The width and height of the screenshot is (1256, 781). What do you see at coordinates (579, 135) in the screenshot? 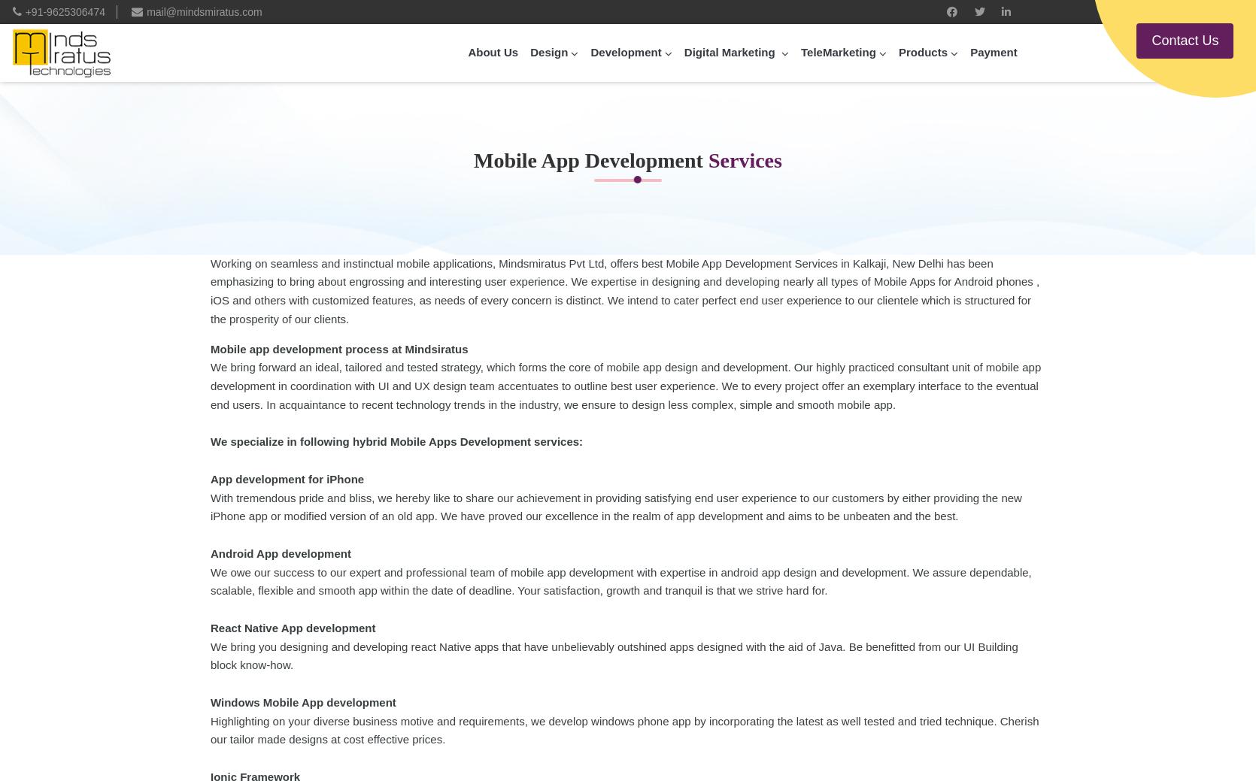
I see `'Website Designing'` at bounding box center [579, 135].